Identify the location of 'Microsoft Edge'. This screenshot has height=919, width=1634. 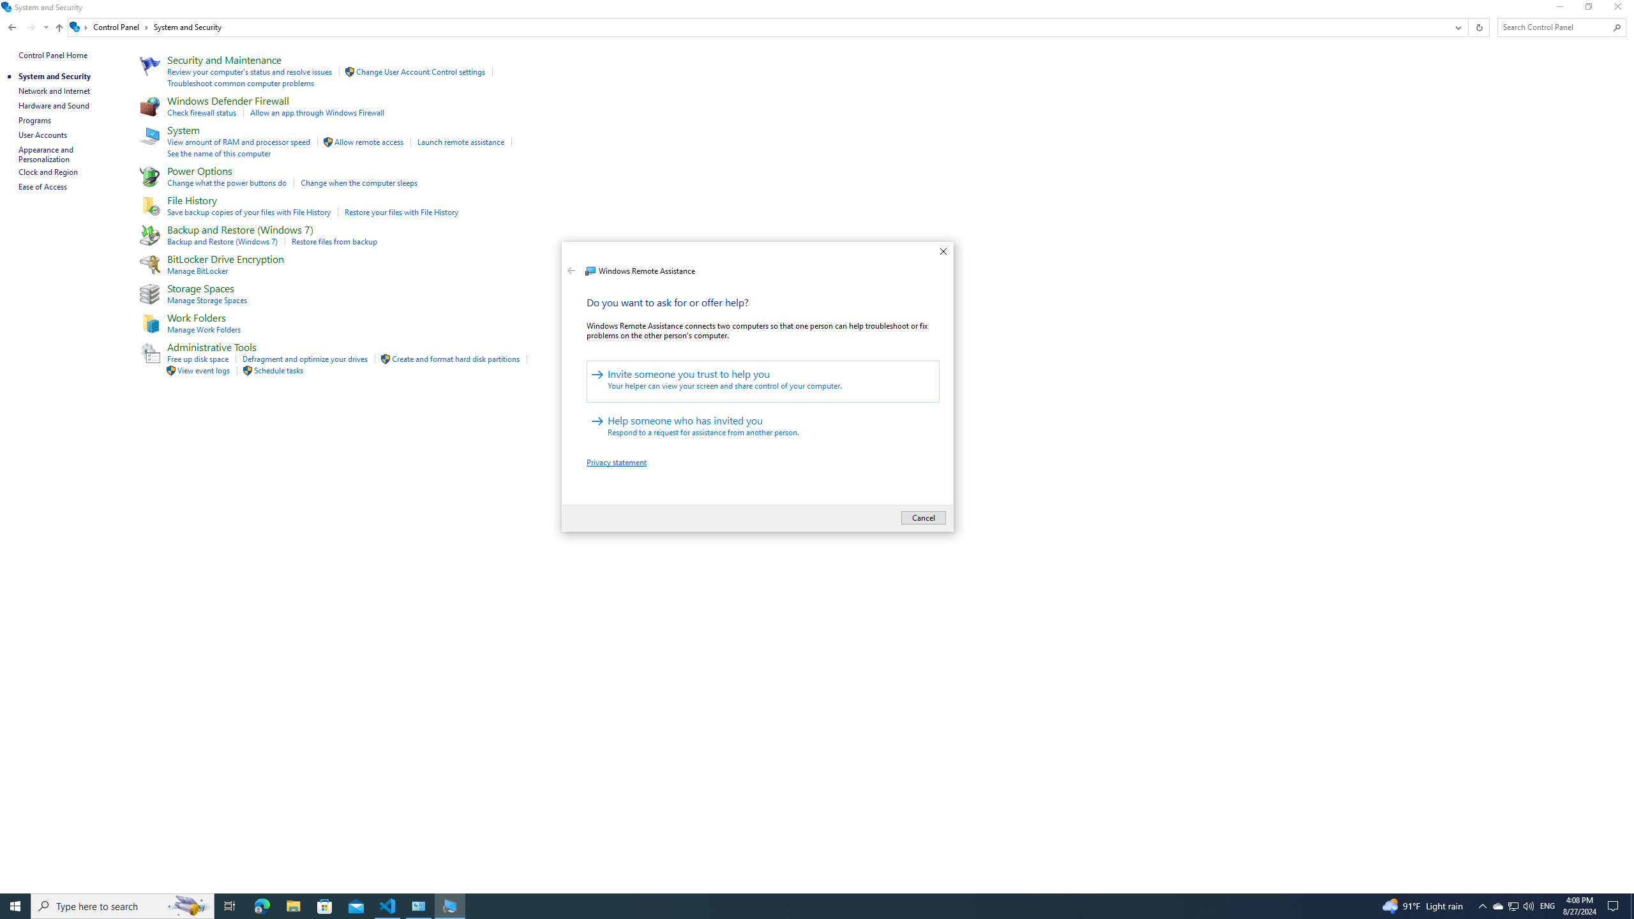
(261, 905).